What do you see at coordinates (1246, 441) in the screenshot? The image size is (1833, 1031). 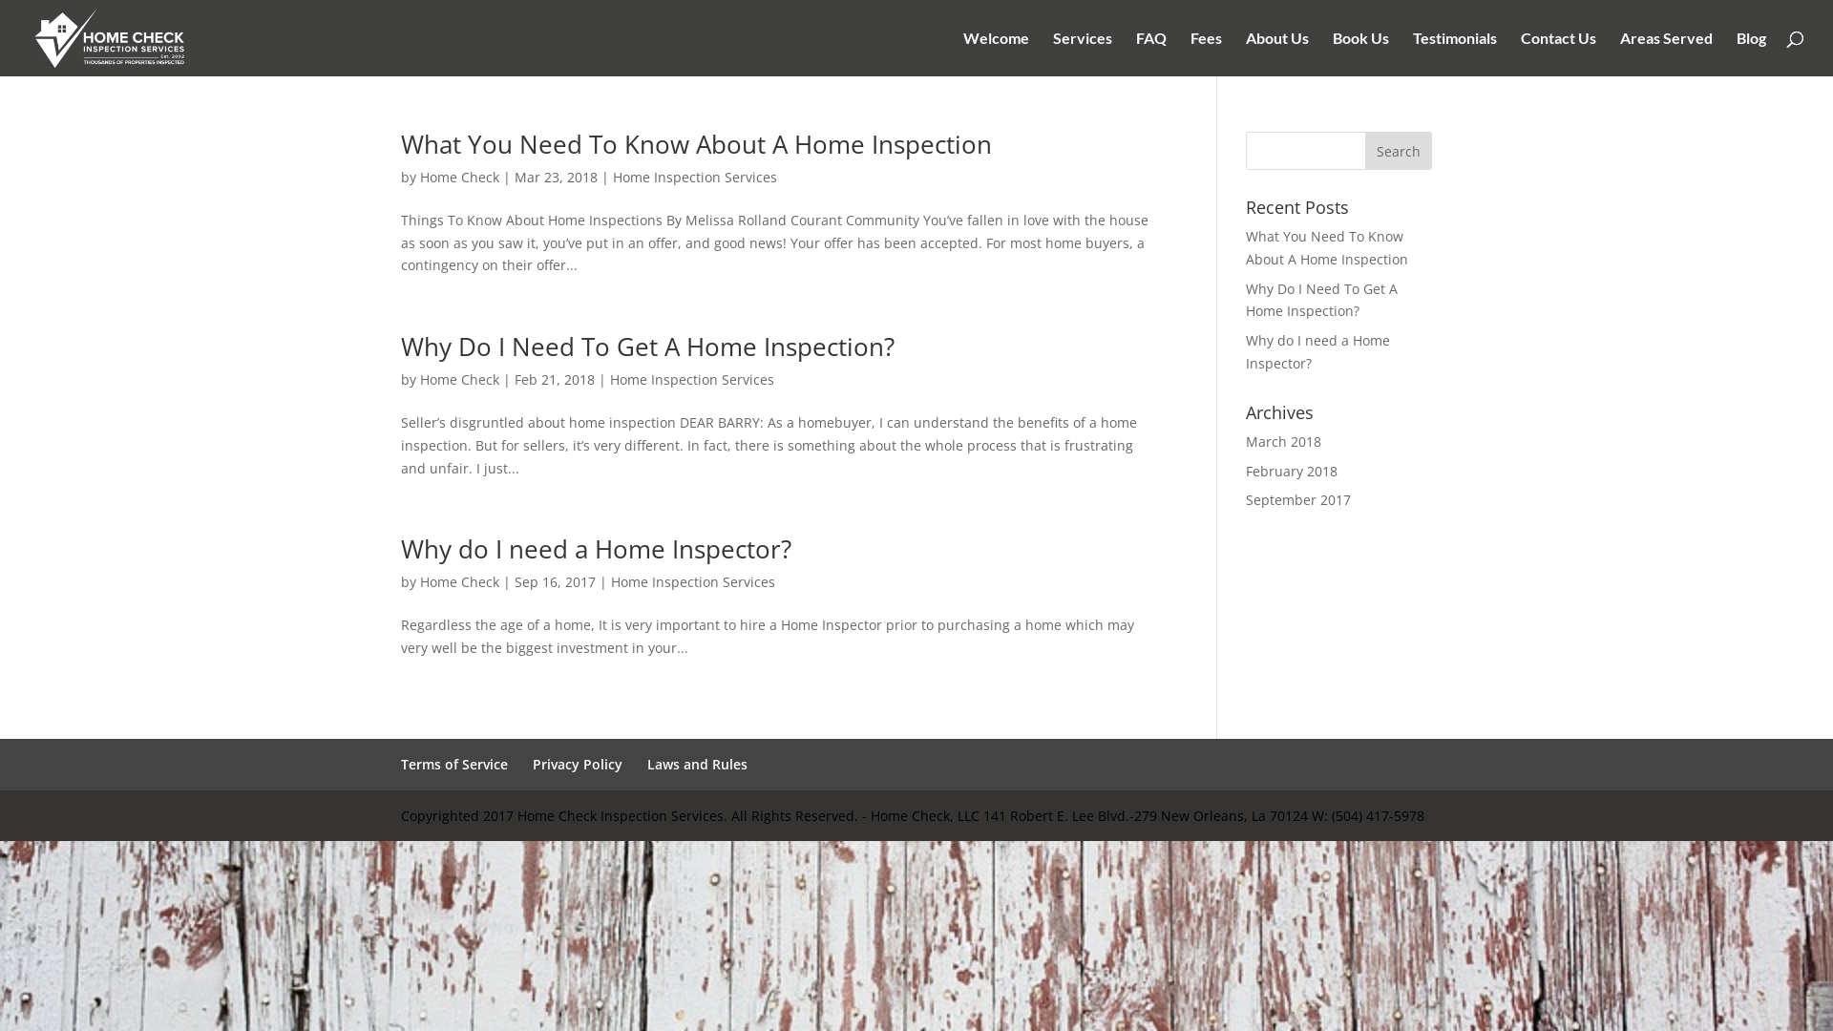 I see `'March 2018'` at bounding box center [1246, 441].